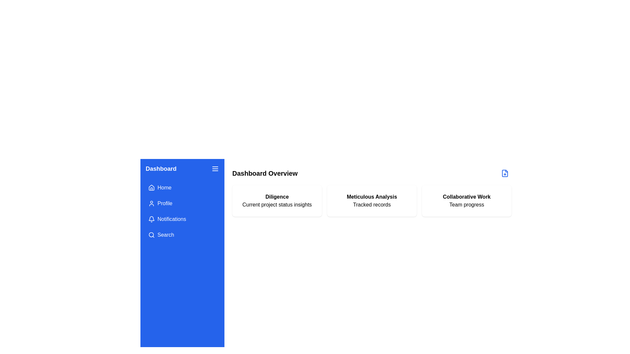  What do you see at coordinates (182, 168) in the screenshot?
I see `the title and status indicator component at the top of the vertical blue sidebar` at bounding box center [182, 168].